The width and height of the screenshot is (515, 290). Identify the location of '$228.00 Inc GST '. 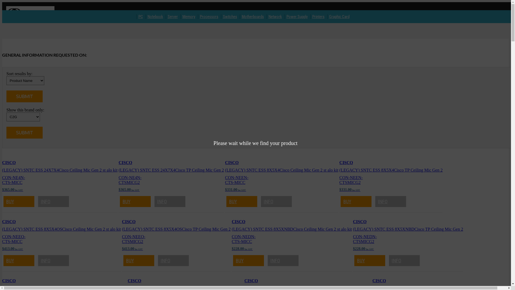
(242, 248).